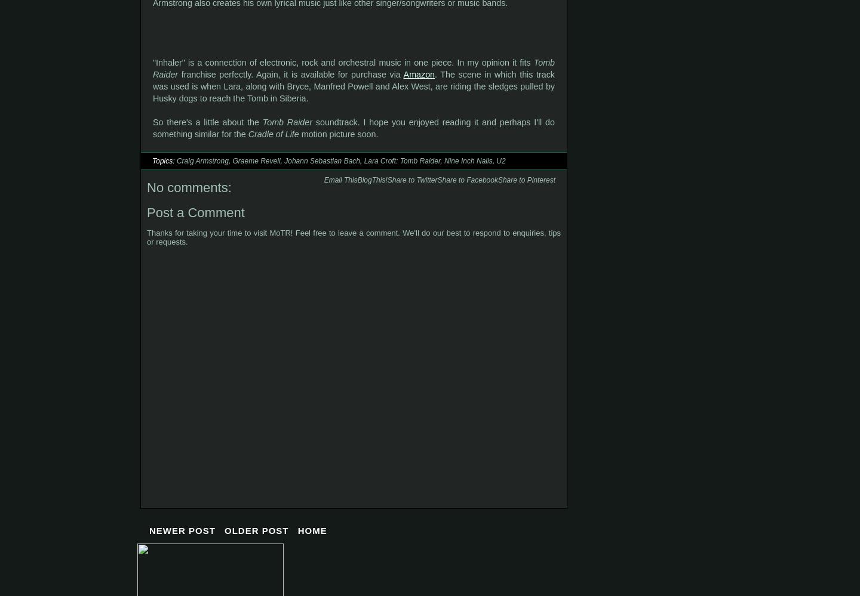  What do you see at coordinates (231, 161) in the screenshot?
I see `'Graeme Revell'` at bounding box center [231, 161].